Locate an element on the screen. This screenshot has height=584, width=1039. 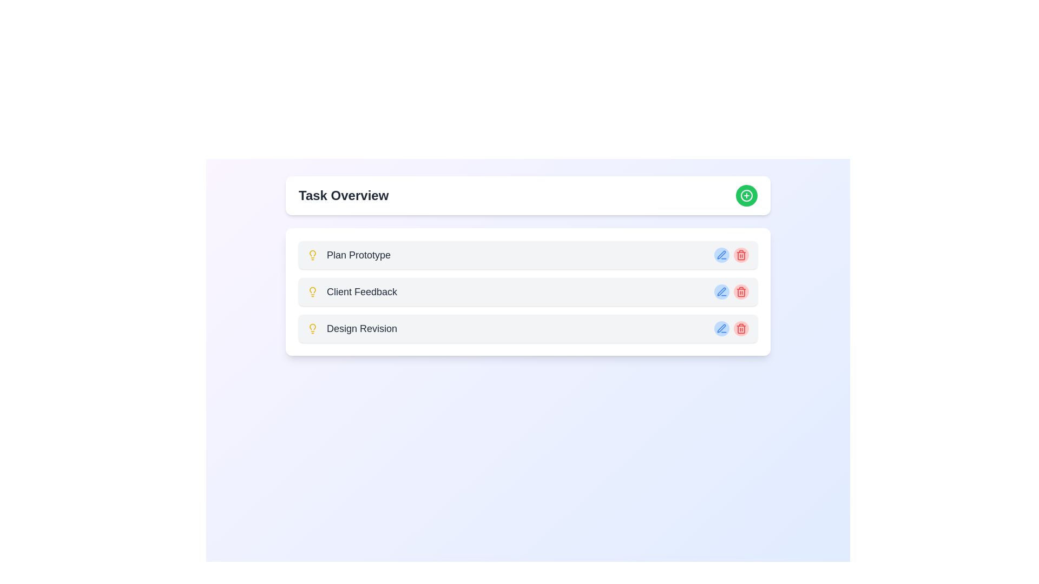
the stylized pen icon used for edit actions, located on the right side of the 'Client Feedback' row in the task list is located at coordinates (721, 328).